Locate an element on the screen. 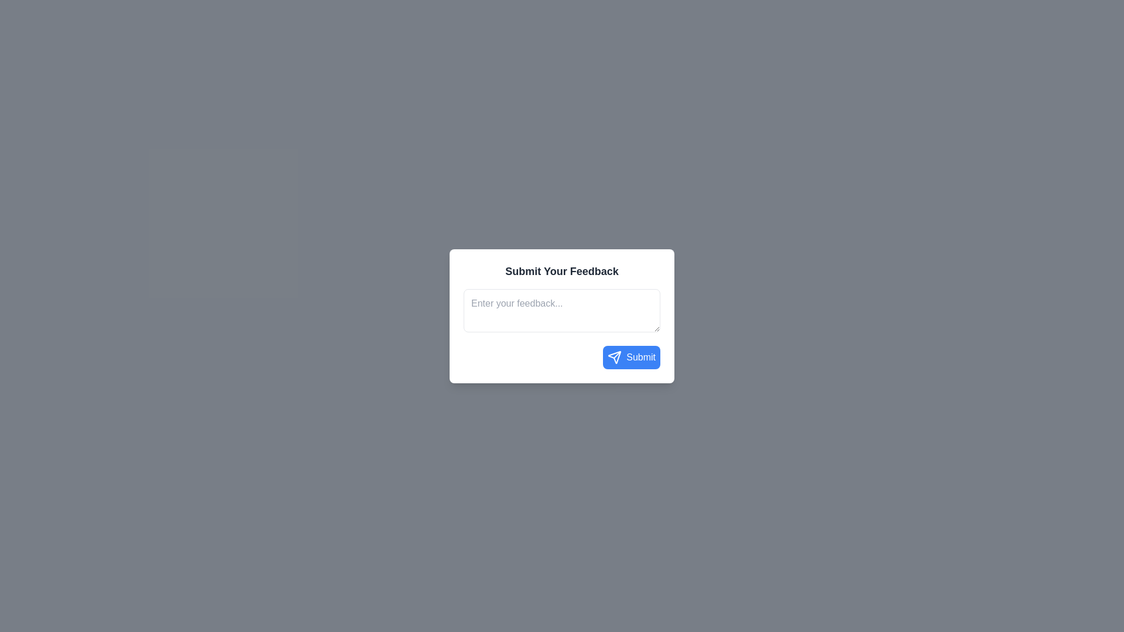  the 'Submit' button with a blue background and white text, which is located at the bottom-right corner of the form modal, to change its color is located at coordinates (631, 356).